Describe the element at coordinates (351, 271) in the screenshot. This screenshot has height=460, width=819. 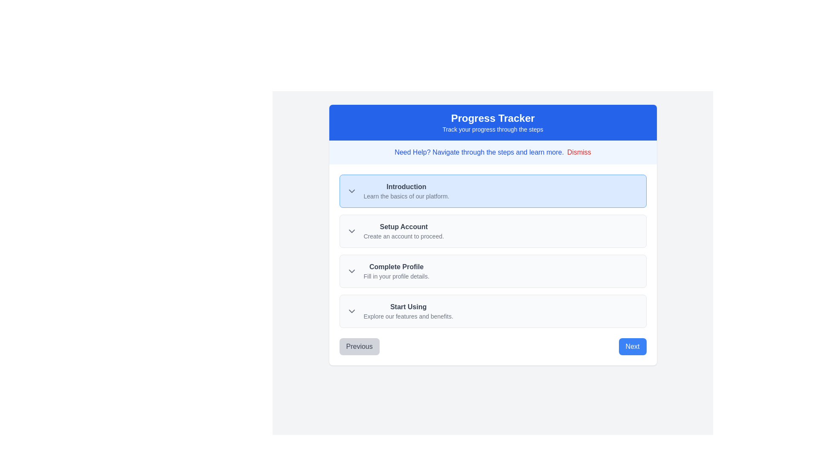
I see `the visual indicator icon located in the 'Complete Profile' section, which indicates an expandable or collapsible section` at that location.